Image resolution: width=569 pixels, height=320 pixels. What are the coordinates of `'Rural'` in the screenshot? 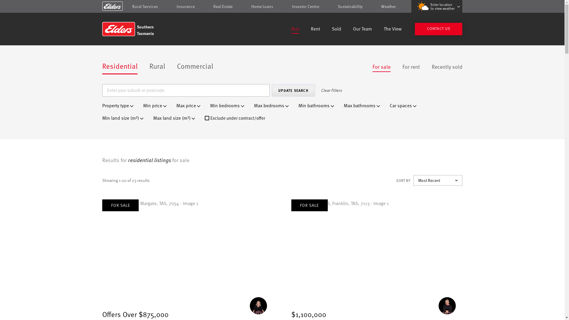 It's located at (157, 66).